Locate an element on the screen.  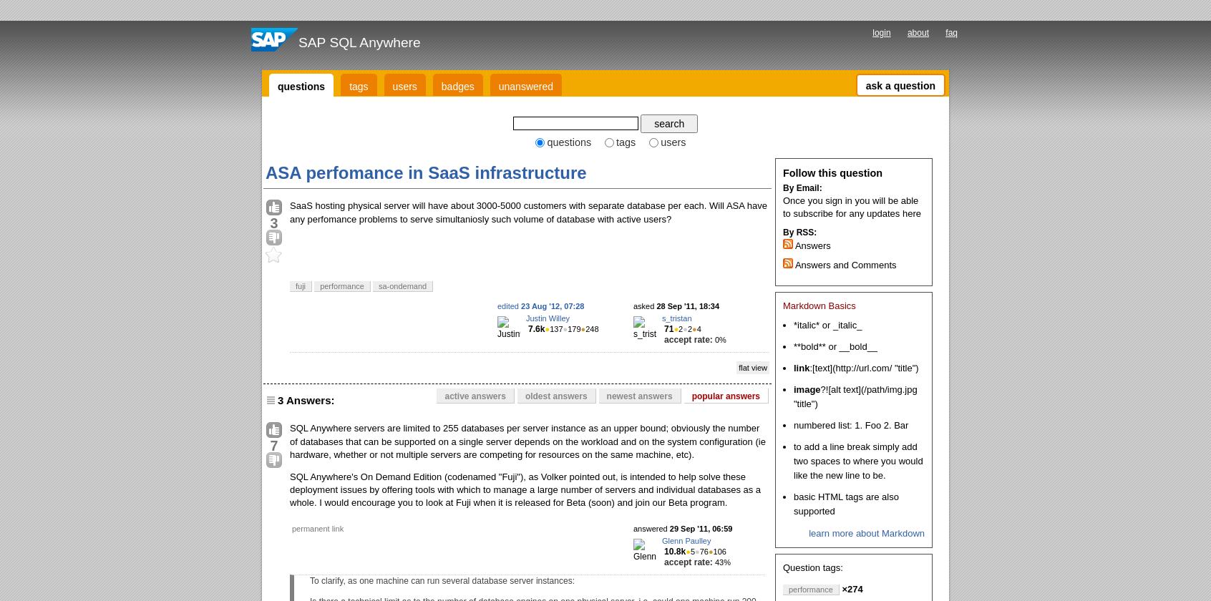
'Question tags:' is located at coordinates (812, 567).